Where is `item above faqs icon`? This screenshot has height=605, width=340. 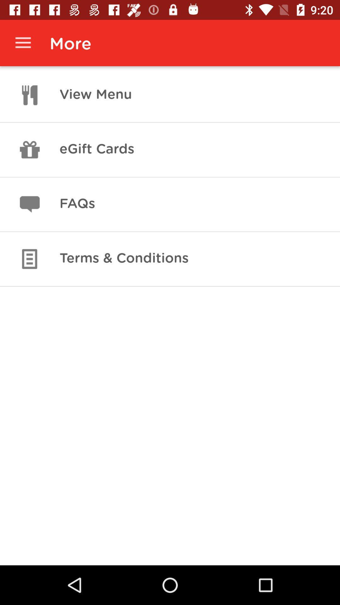 item above faqs icon is located at coordinates (97, 149).